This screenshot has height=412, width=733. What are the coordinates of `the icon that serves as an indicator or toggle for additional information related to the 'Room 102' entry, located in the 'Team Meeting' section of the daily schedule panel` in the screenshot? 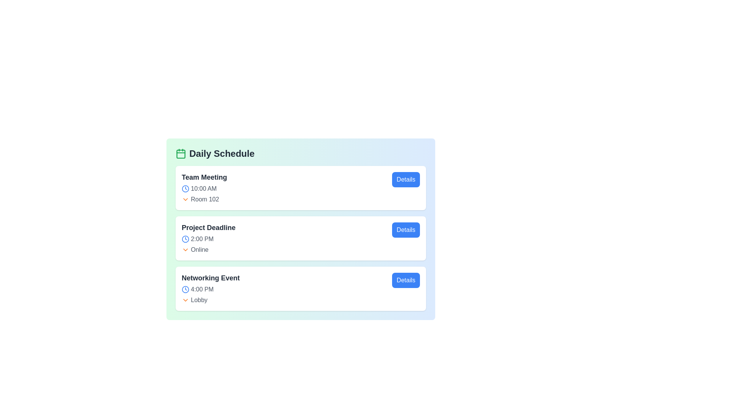 It's located at (185, 199).